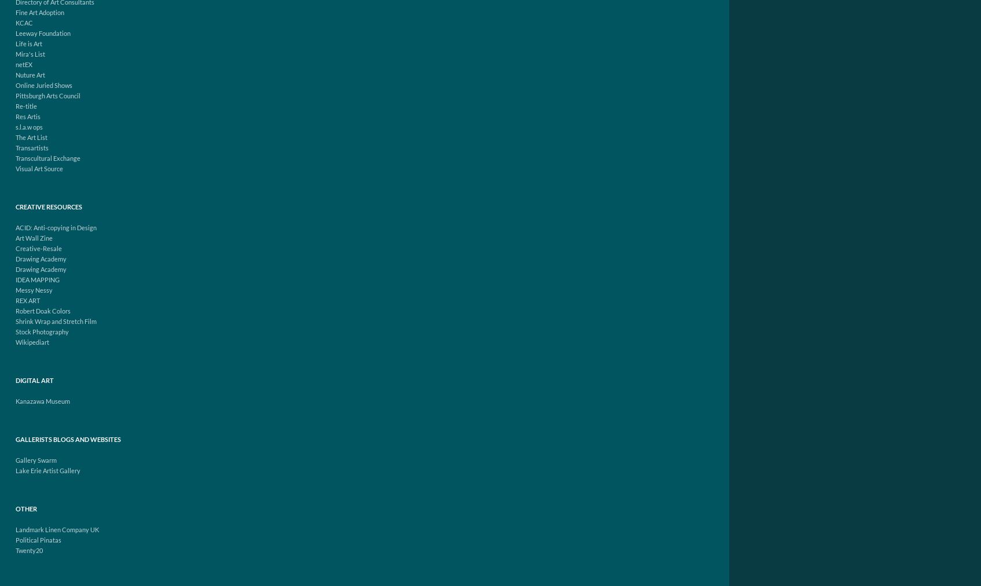 Image resolution: width=981 pixels, height=586 pixels. I want to click on 'The Art List', so click(31, 137).